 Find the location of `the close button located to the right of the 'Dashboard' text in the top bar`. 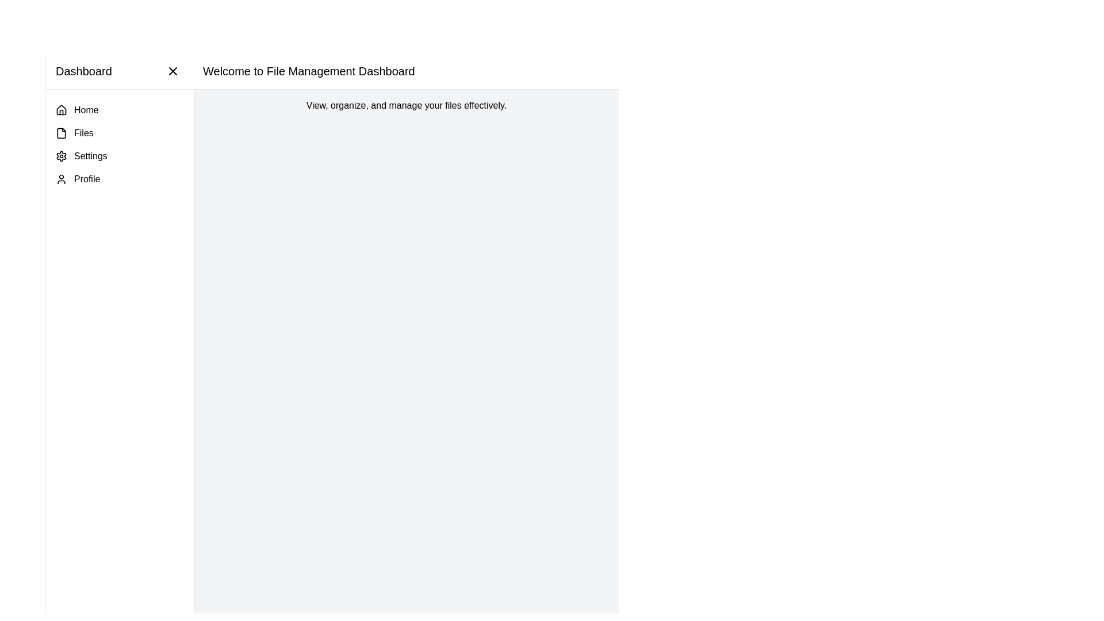

the close button located to the right of the 'Dashboard' text in the top bar is located at coordinates (172, 71).